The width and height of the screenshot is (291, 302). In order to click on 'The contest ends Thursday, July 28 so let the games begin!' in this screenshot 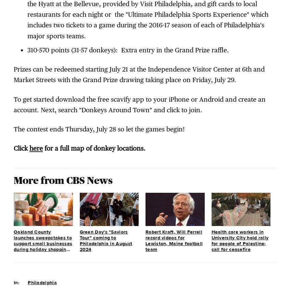, I will do `click(99, 128)`.